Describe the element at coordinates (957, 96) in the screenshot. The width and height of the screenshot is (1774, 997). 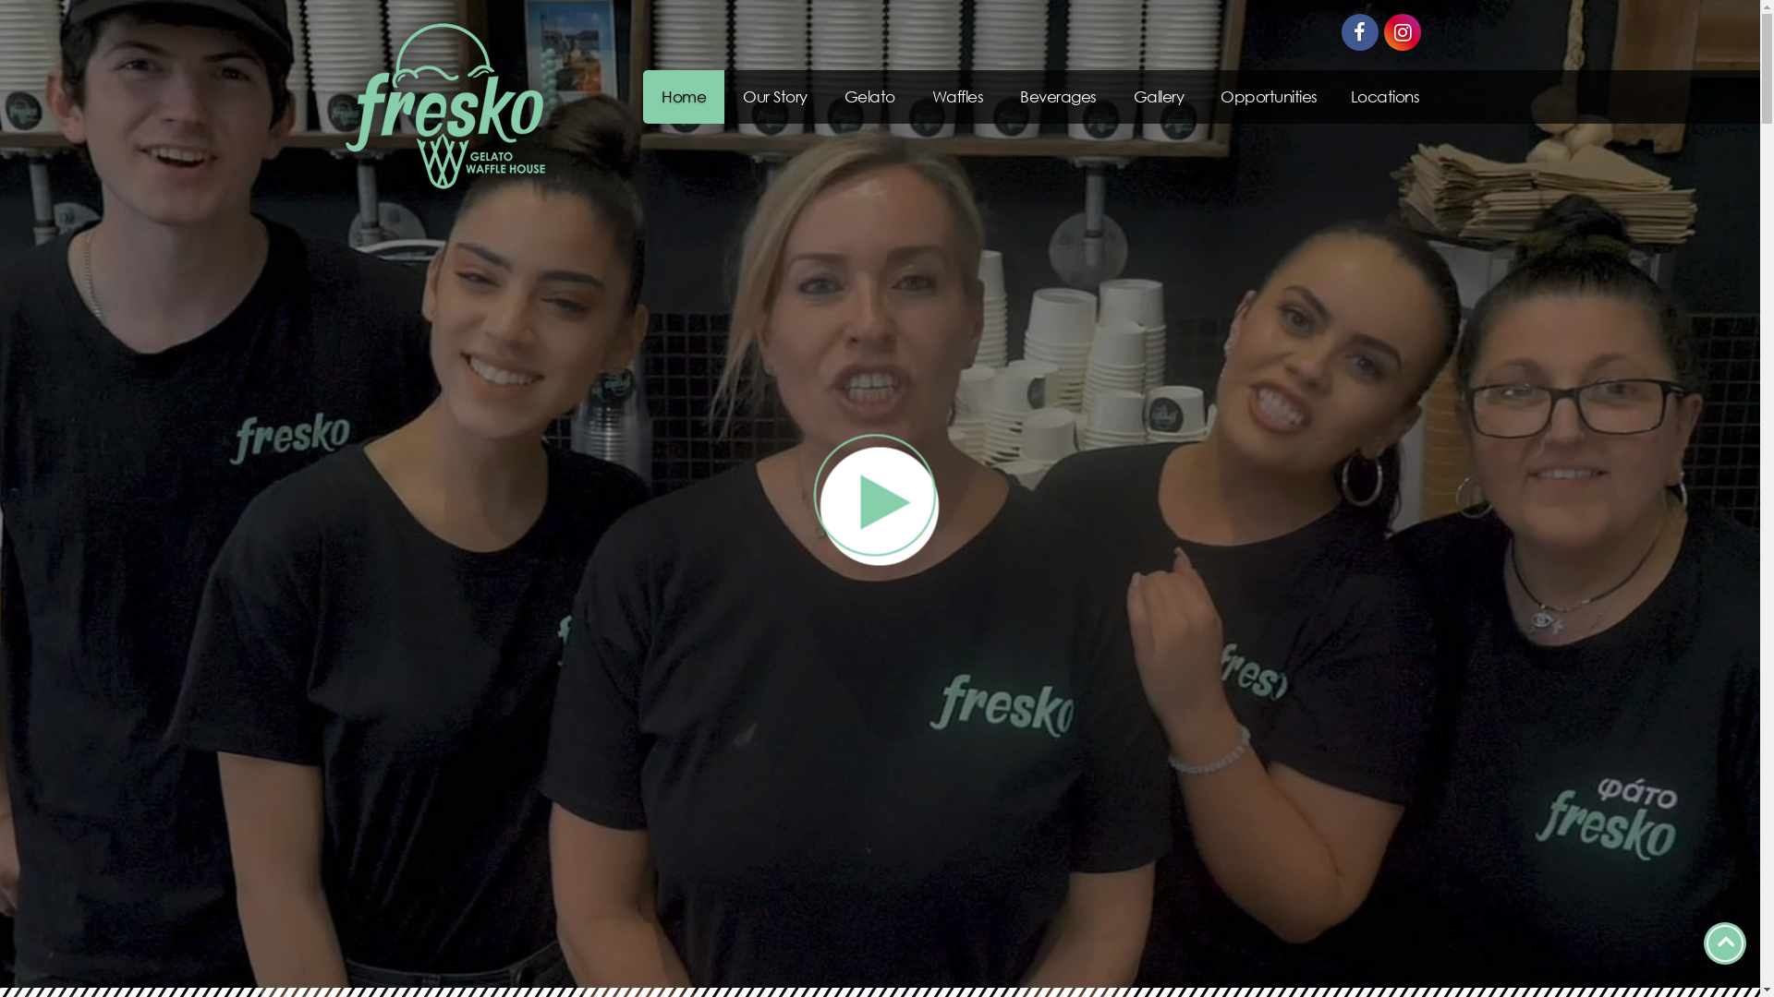
I see `'Waffles'` at that location.